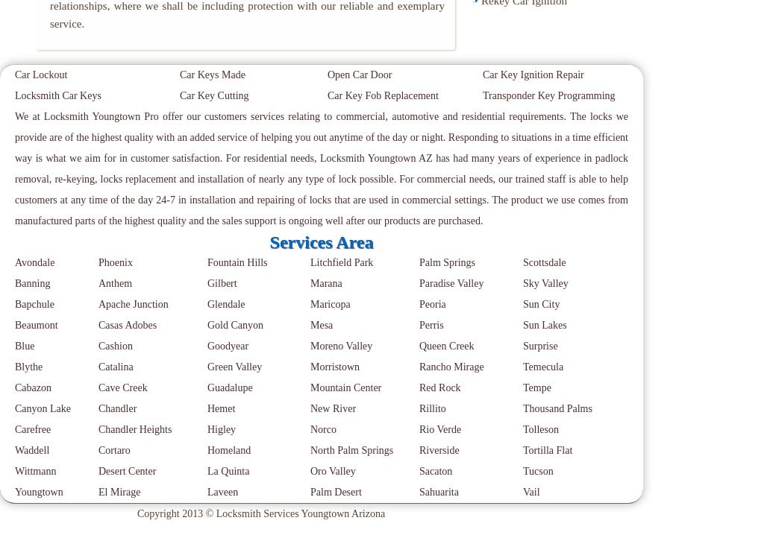 Image resolution: width=776 pixels, height=538 pixels. I want to click on 'New River', so click(333, 408).